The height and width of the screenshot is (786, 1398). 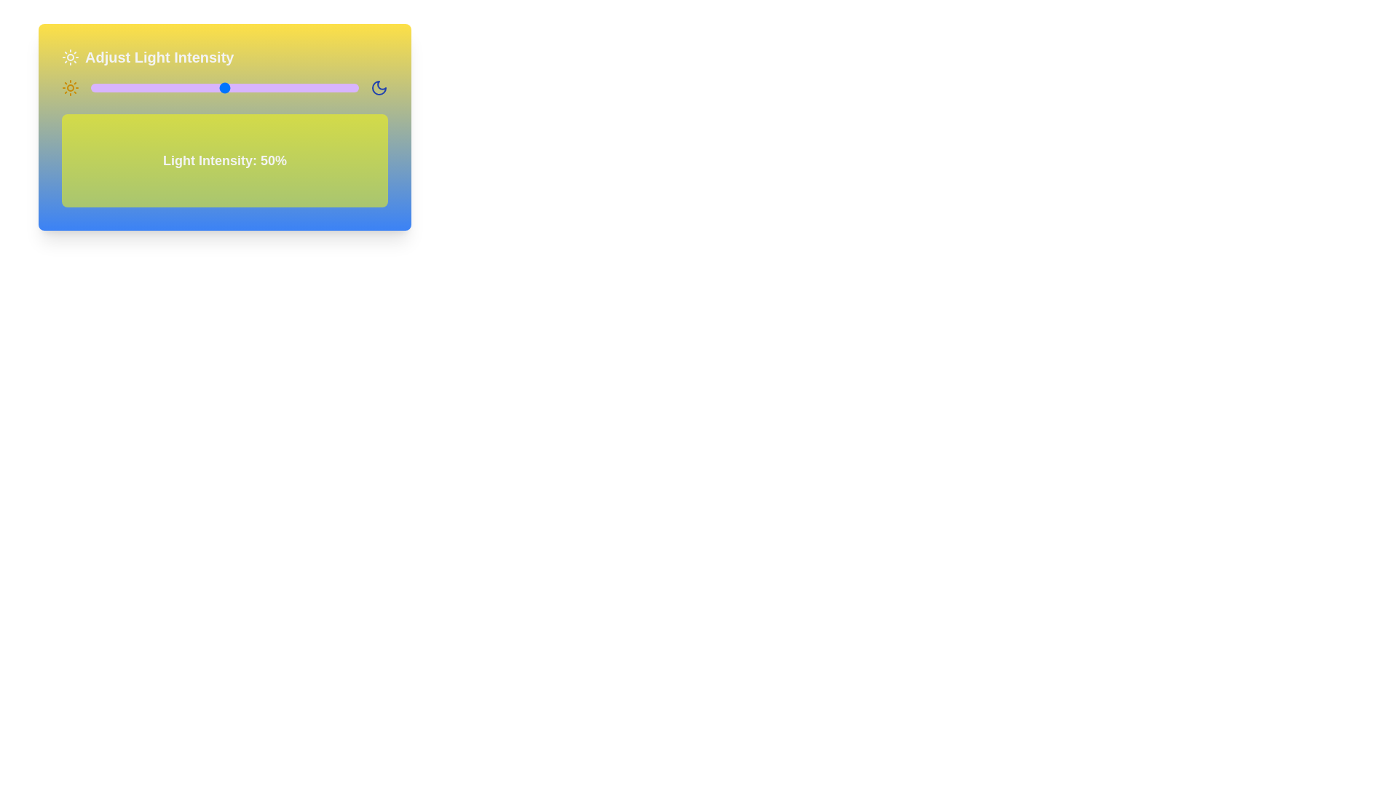 I want to click on the light intensity to 7% by interacting with the slider, so click(x=108, y=87).